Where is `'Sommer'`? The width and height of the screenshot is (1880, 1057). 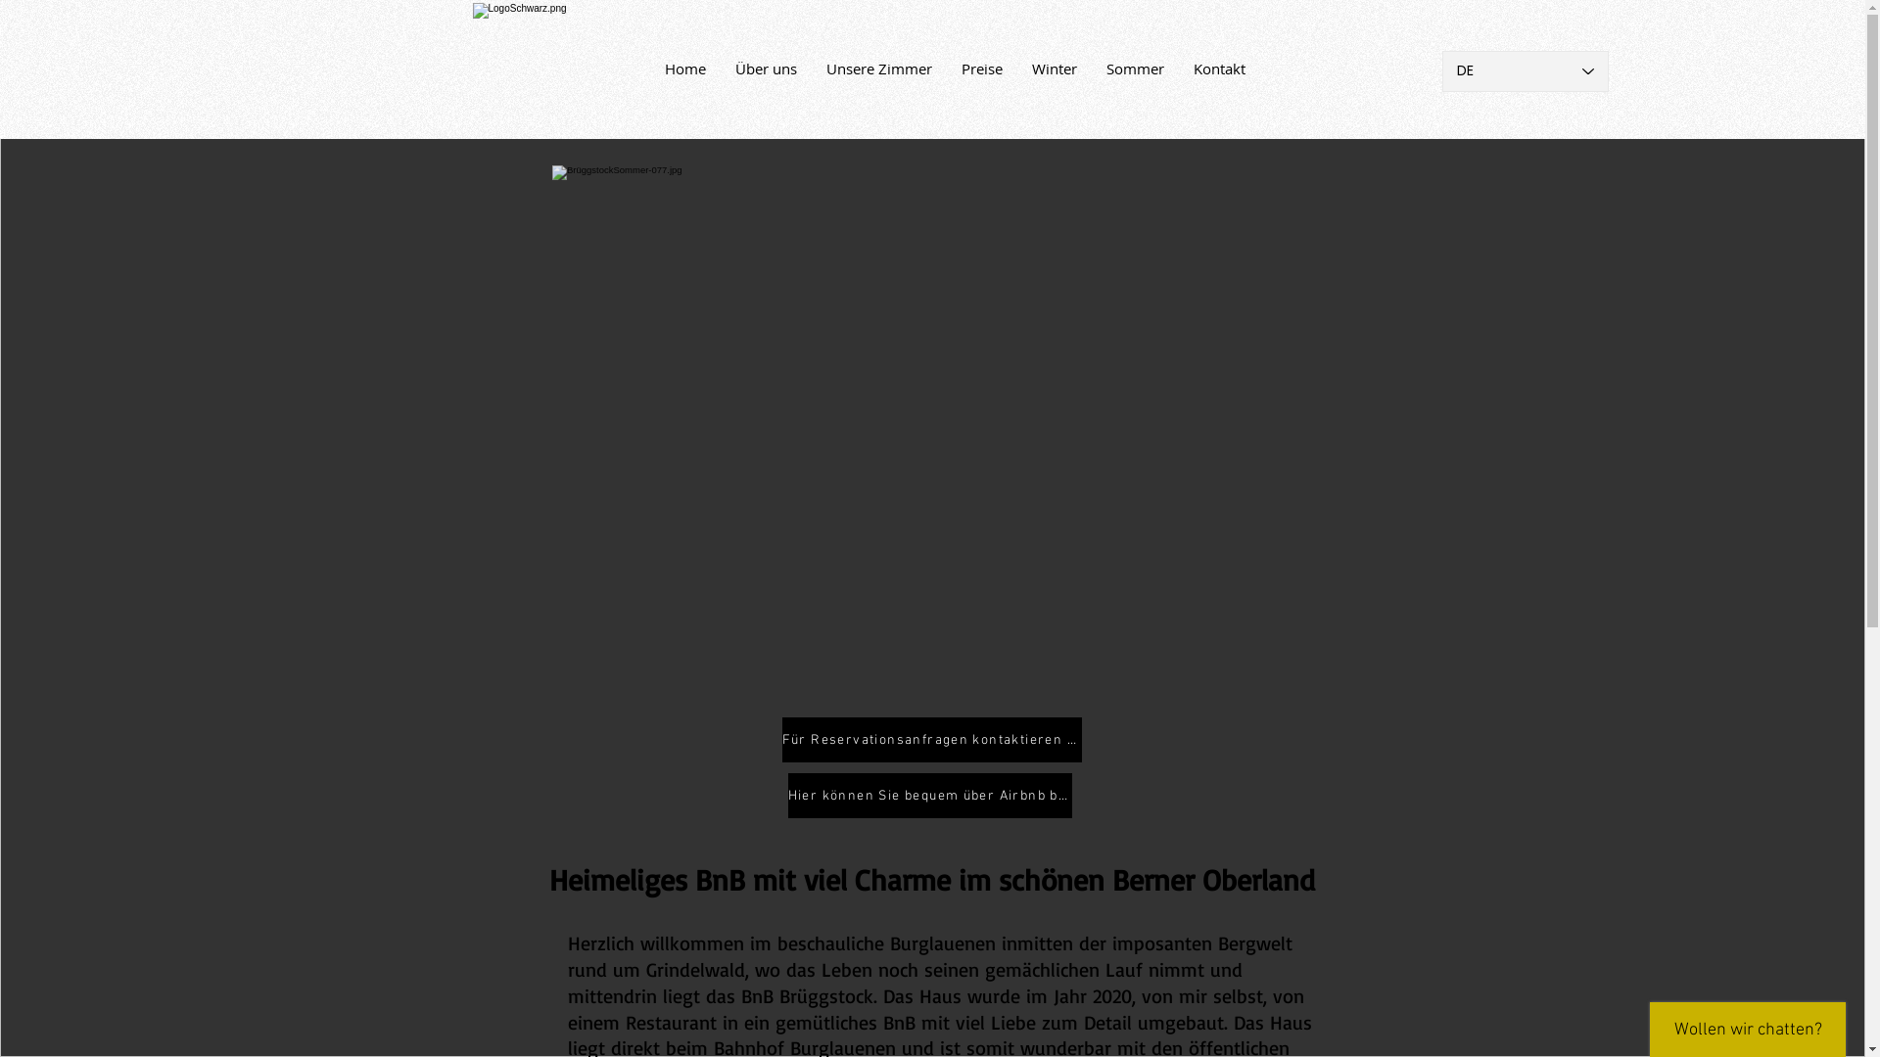 'Sommer' is located at coordinates (1134, 67).